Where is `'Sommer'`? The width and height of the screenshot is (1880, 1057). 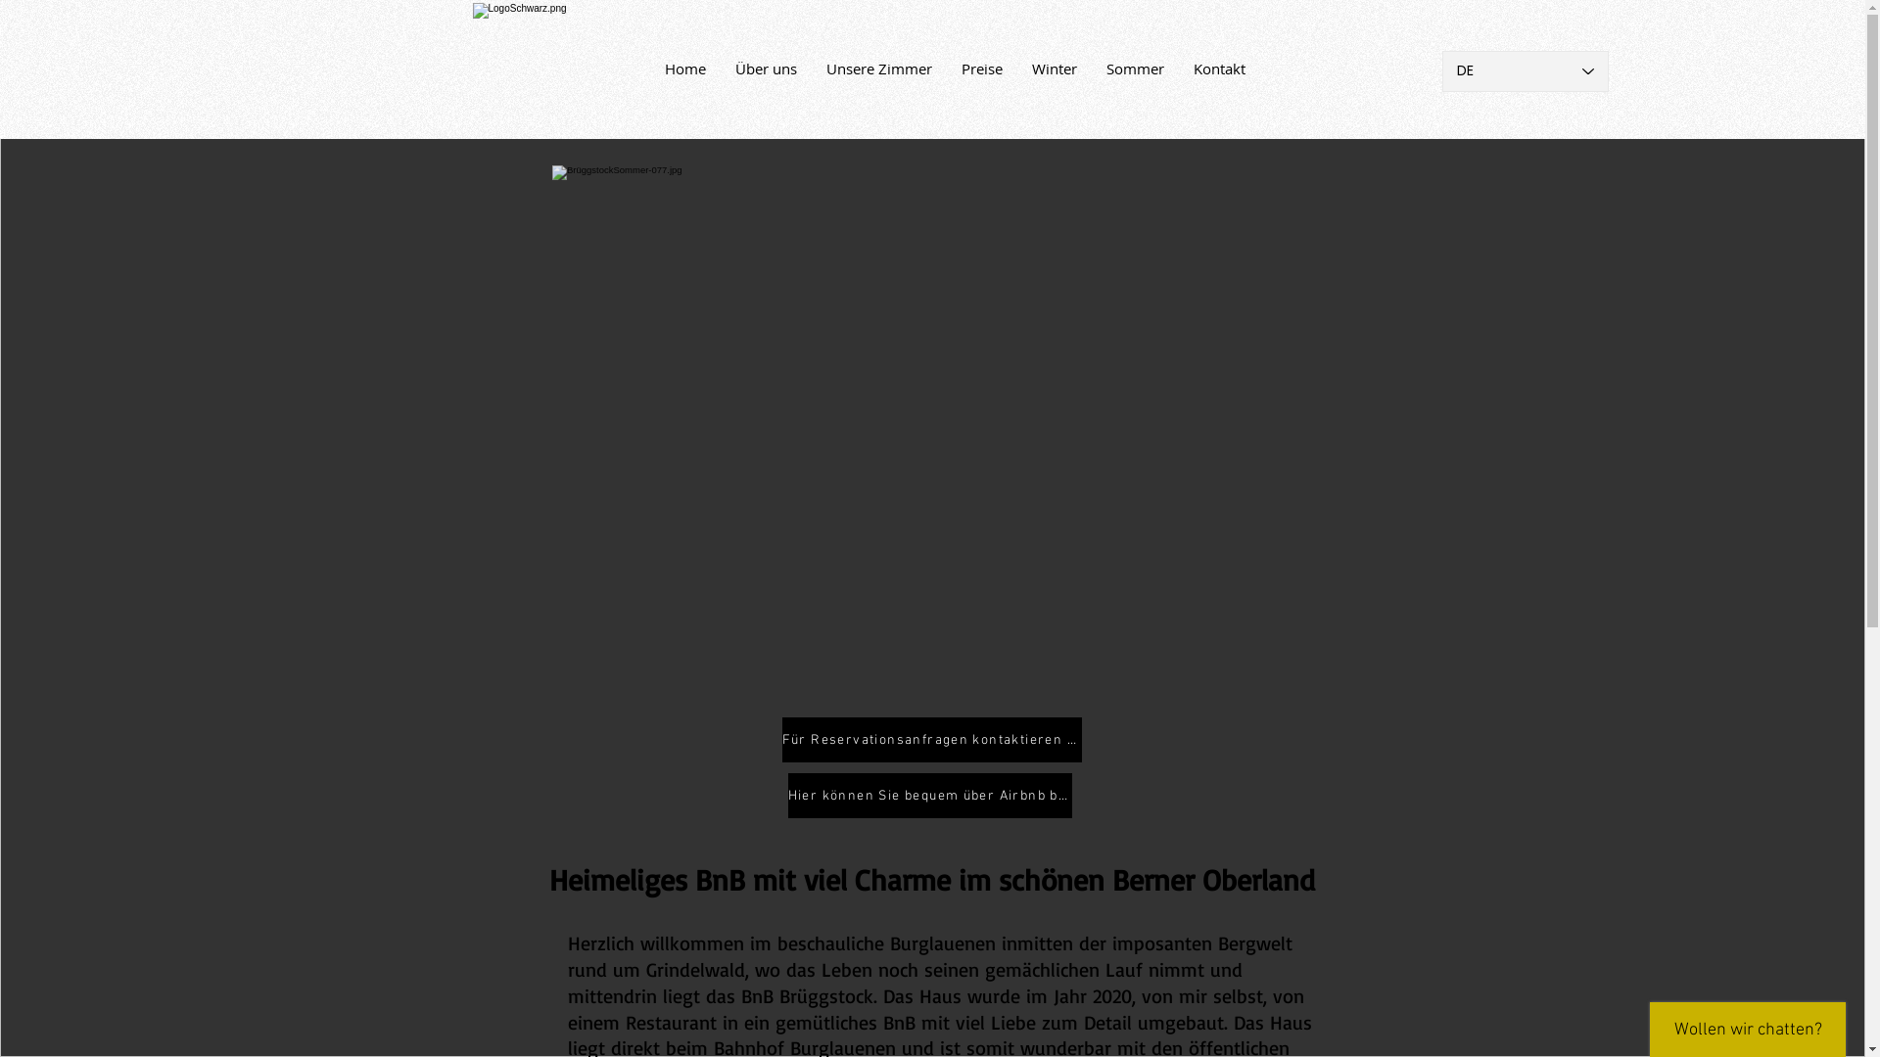 'Sommer' is located at coordinates (1134, 67).